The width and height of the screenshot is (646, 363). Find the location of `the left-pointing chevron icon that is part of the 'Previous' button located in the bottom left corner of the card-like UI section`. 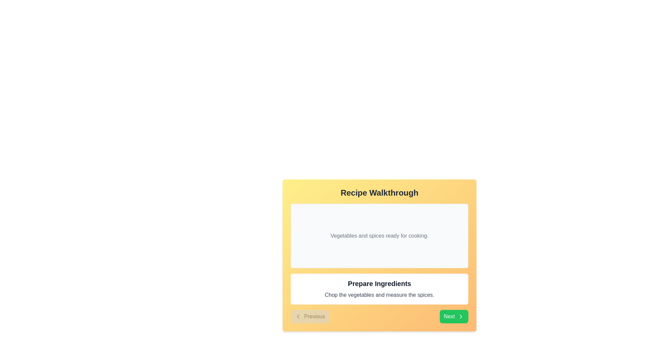

the left-pointing chevron icon that is part of the 'Previous' button located in the bottom left corner of the card-like UI section is located at coordinates (298, 316).